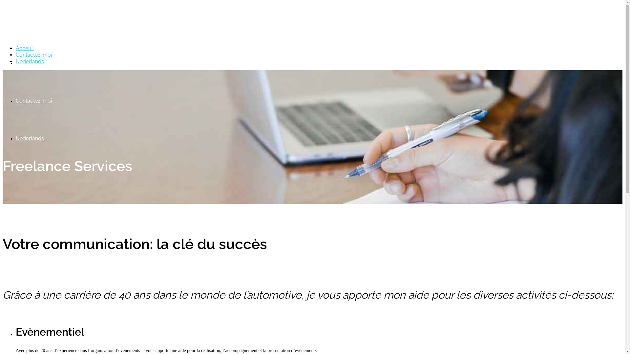 The height and width of the screenshot is (354, 630). I want to click on 'Contactez-moi', so click(33, 54).